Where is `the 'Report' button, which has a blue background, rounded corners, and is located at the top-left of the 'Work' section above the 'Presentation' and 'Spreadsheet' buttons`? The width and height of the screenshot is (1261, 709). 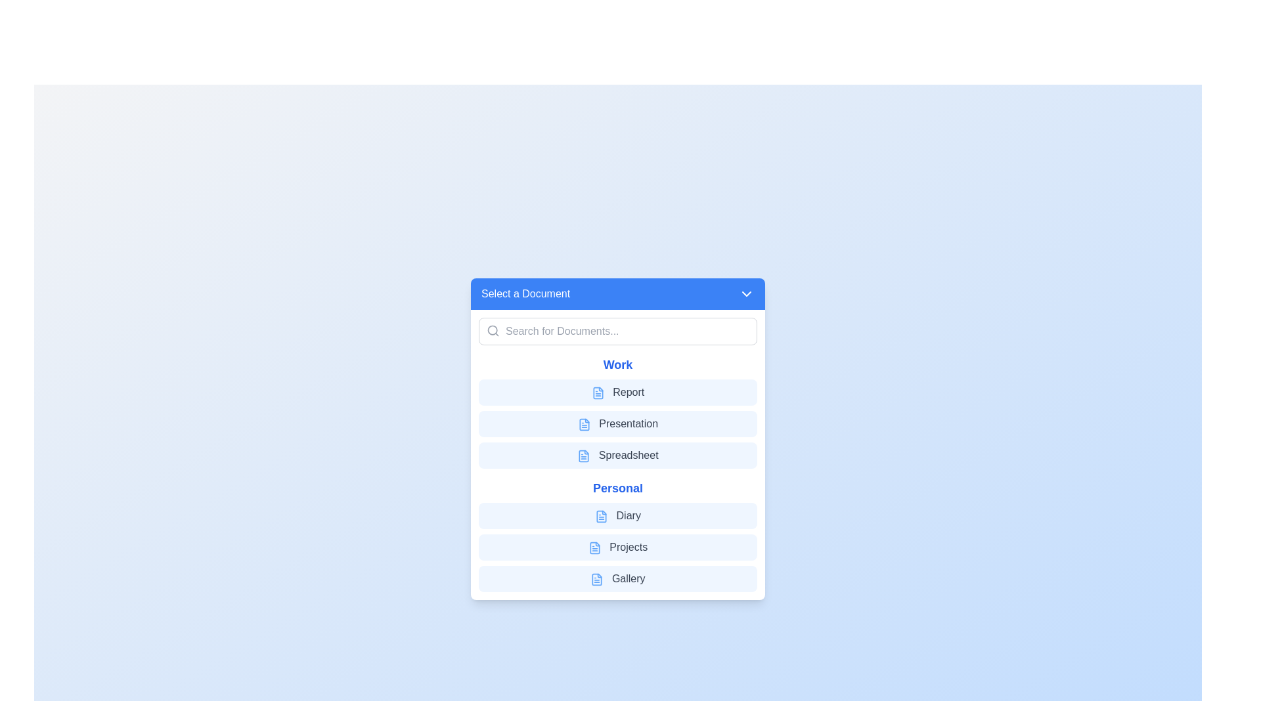
the 'Report' button, which has a blue background, rounded corners, and is located at the top-left of the 'Work' section above the 'Presentation' and 'Spreadsheet' buttons is located at coordinates (617, 391).